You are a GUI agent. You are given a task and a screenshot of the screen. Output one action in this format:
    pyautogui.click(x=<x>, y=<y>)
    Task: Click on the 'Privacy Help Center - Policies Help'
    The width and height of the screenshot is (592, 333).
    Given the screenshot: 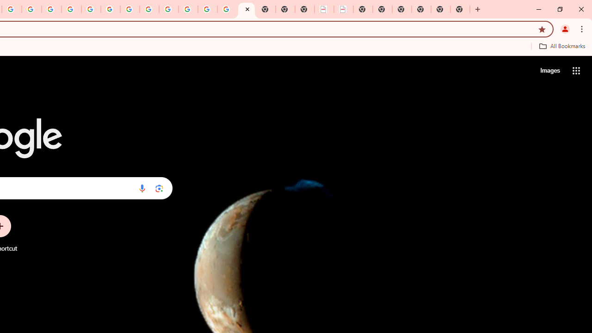 What is the action you would take?
    pyautogui.click(x=71, y=9)
    